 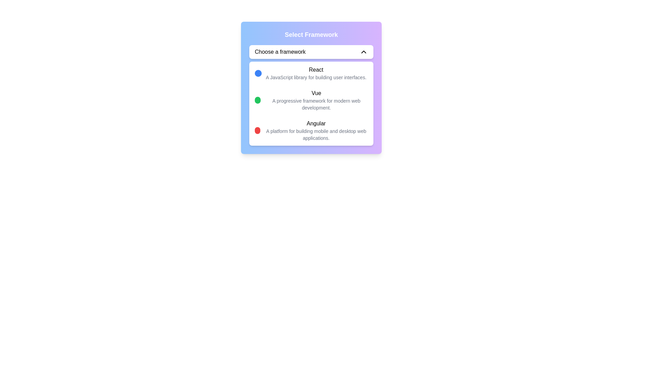 What do you see at coordinates (363, 51) in the screenshot?
I see `the downward-facing chevron icon, which is styled with a black outline and positioned to the far right of the 'Choose a framework' button` at bounding box center [363, 51].